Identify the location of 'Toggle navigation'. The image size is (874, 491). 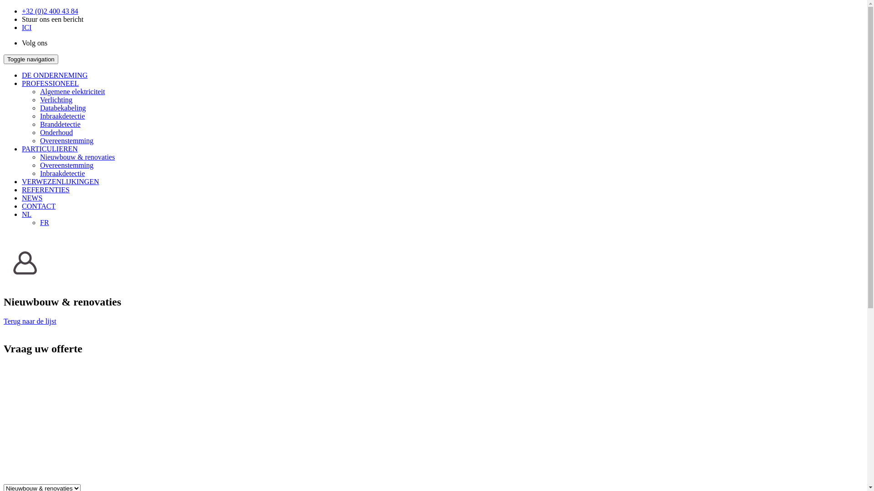
(4, 59).